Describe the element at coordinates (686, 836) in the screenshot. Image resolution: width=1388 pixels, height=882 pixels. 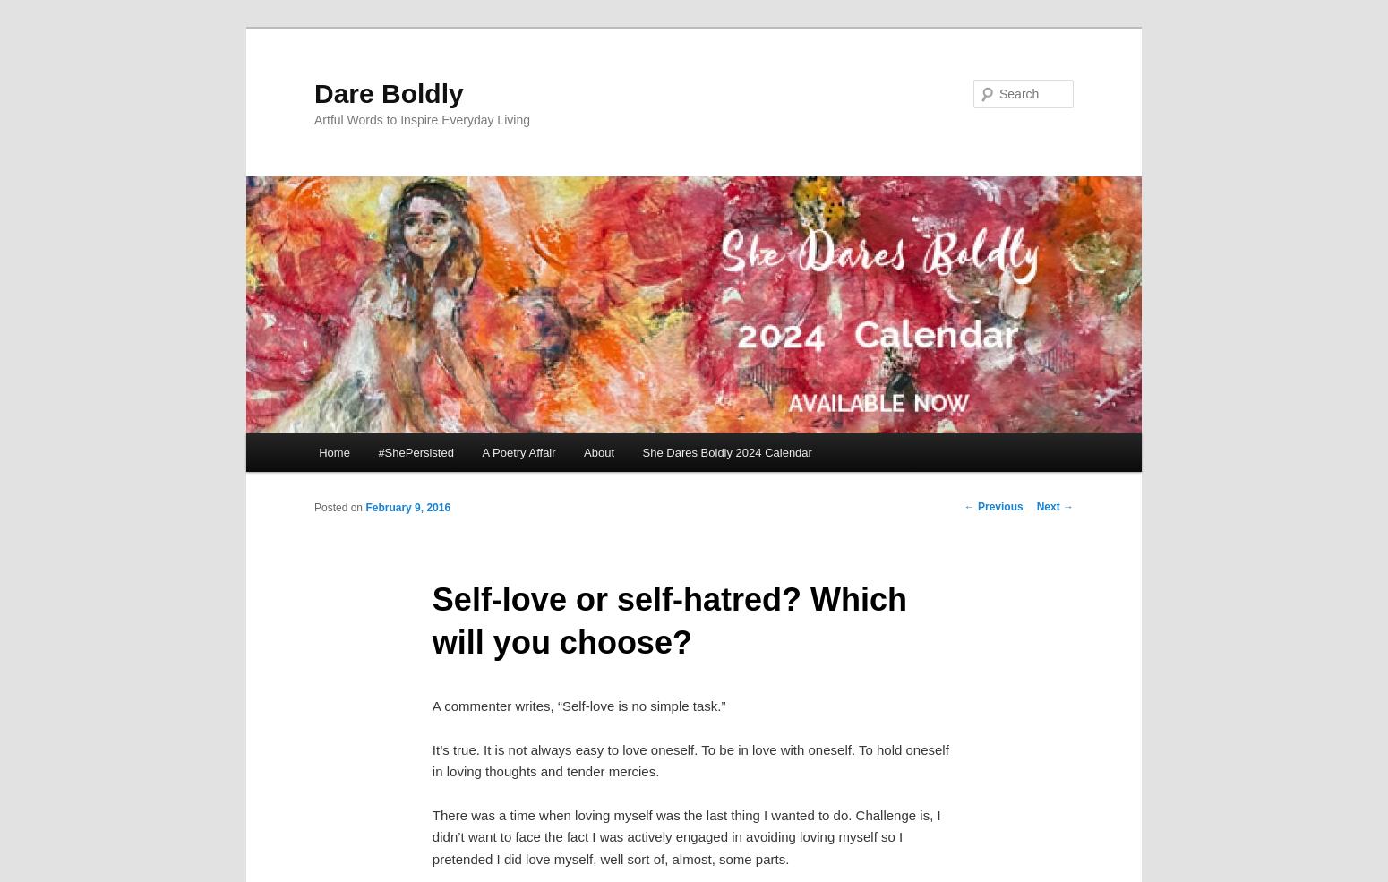
I see `'There was a time when loving myself was the last thing I wanted to do. Challenge is, I didn’t want to face the fact I was actively engaged in avoiding loving myself so I pretended I did love myself, well sort of, almost, some parts.'` at that location.